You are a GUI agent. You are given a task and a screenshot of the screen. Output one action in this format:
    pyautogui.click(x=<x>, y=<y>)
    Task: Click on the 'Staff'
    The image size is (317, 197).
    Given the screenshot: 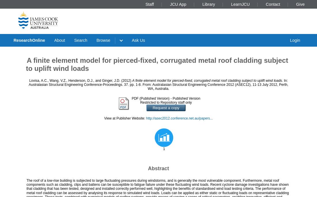 What is the action you would take?
    pyautogui.click(x=149, y=4)
    